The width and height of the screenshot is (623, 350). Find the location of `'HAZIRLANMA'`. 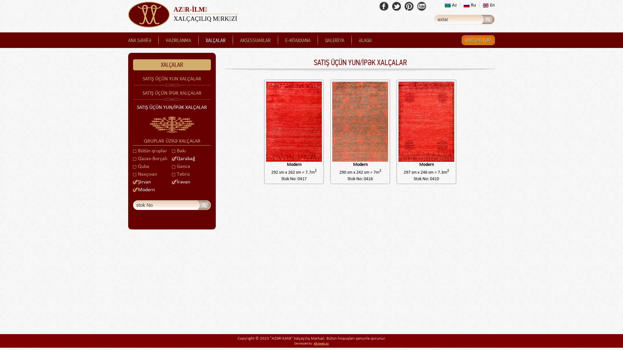

'HAZIRLANMA' is located at coordinates (178, 40).